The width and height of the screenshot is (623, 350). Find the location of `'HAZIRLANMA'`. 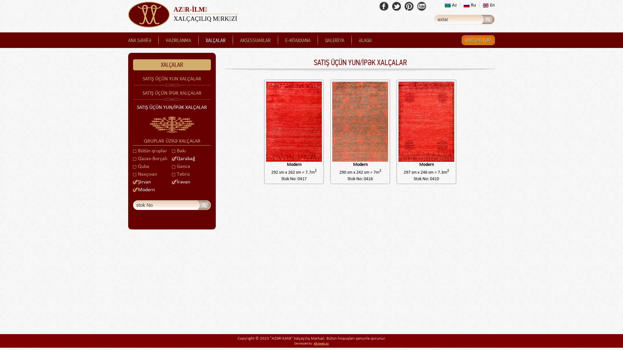

'HAZIRLANMA' is located at coordinates (178, 40).